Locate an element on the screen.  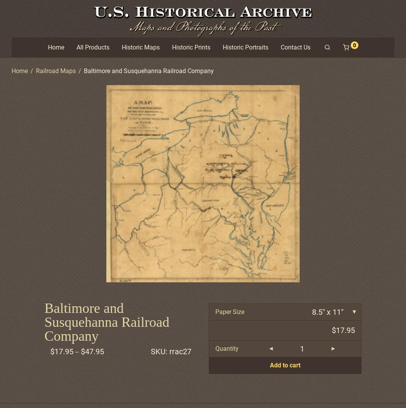
'47.95' is located at coordinates (94, 351).